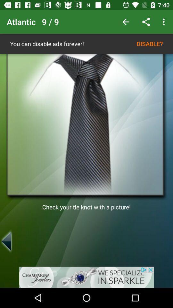 The width and height of the screenshot is (173, 308). What do you see at coordinates (86, 277) in the screenshot?
I see `this is an advertisement` at bounding box center [86, 277].